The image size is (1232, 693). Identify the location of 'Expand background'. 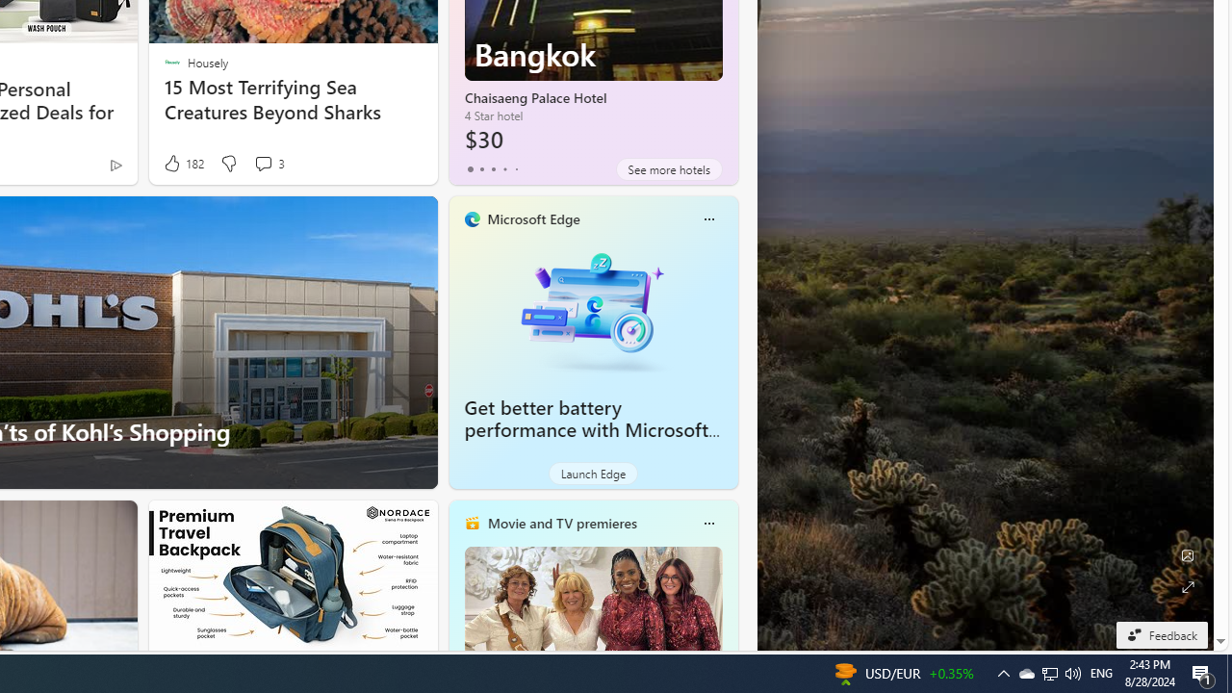
(1186, 586).